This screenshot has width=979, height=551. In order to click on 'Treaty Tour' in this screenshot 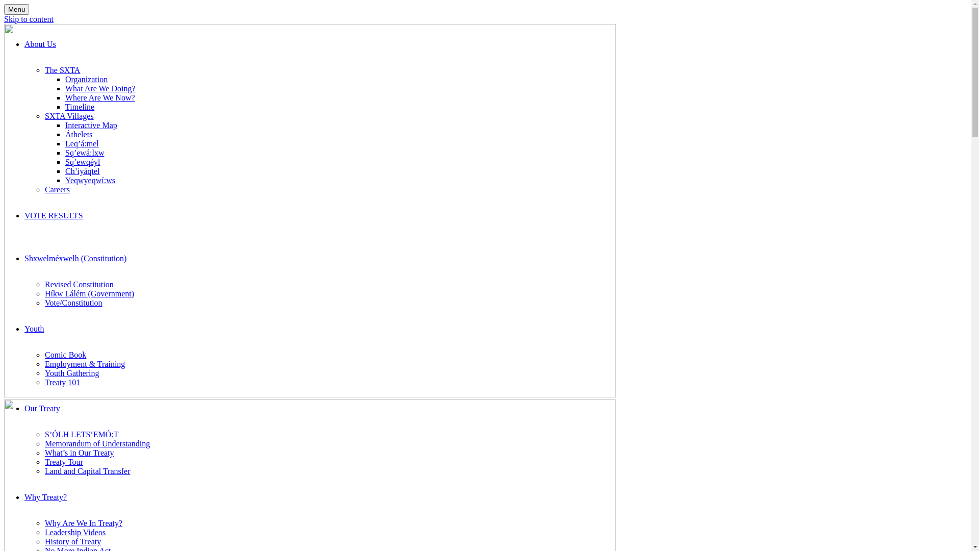, I will do `click(63, 462)`.